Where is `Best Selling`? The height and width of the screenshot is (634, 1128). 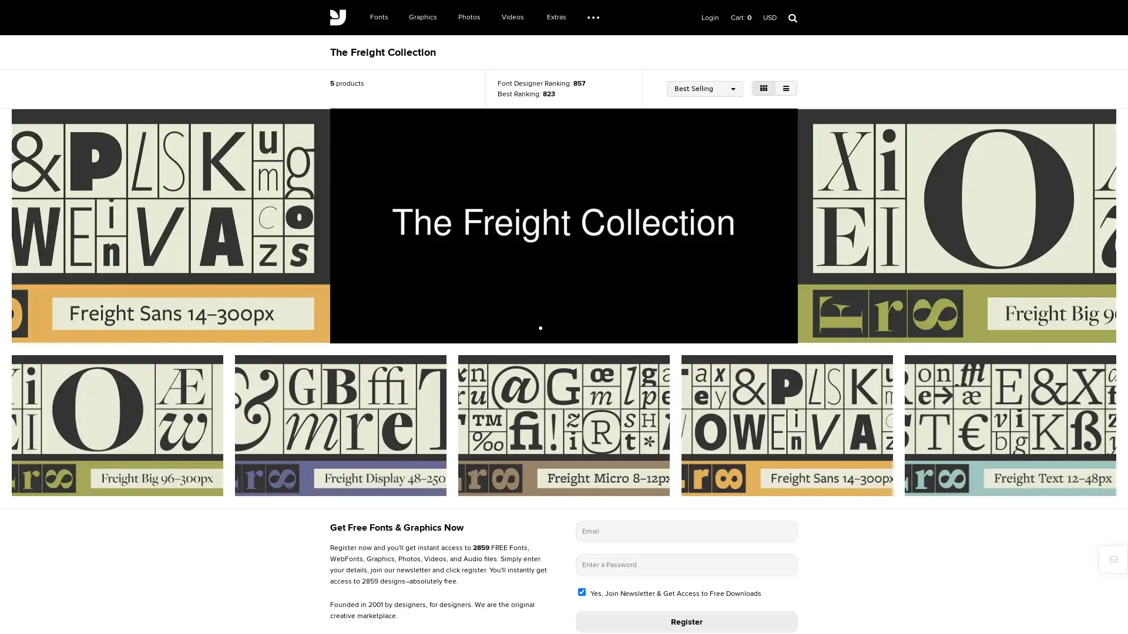
Best Selling is located at coordinates (705, 88).